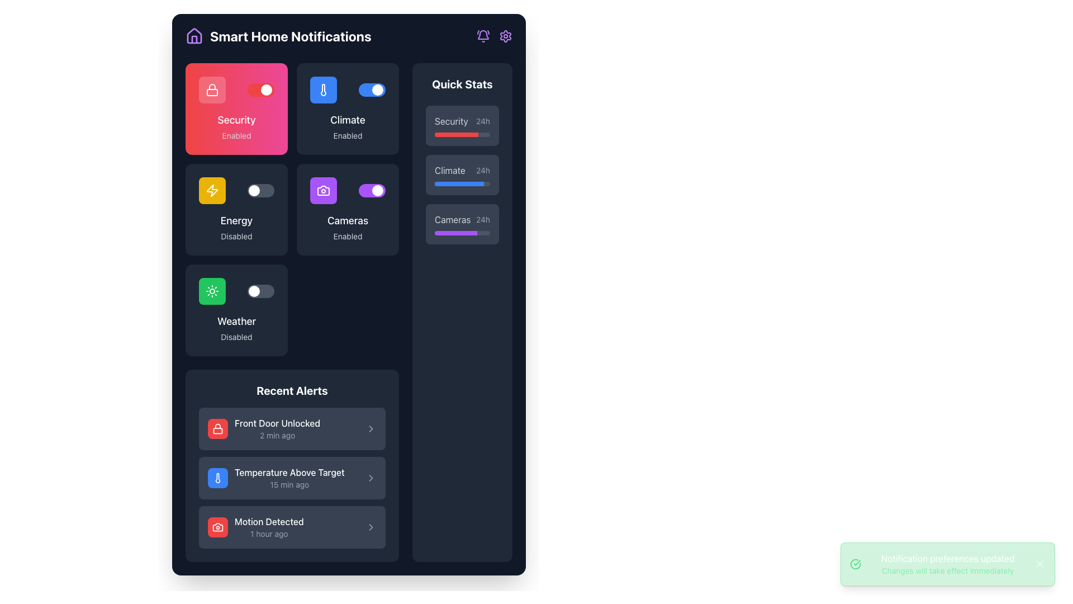 The width and height of the screenshot is (1073, 604). What do you see at coordinates (269, 534) in the screenshot?
I see `the text label reading '1 hour ago', which is styled in gray and located directly below the 'Motion Detected' label in the 'Recent Alerts' list` at bounding box center [269, 534].